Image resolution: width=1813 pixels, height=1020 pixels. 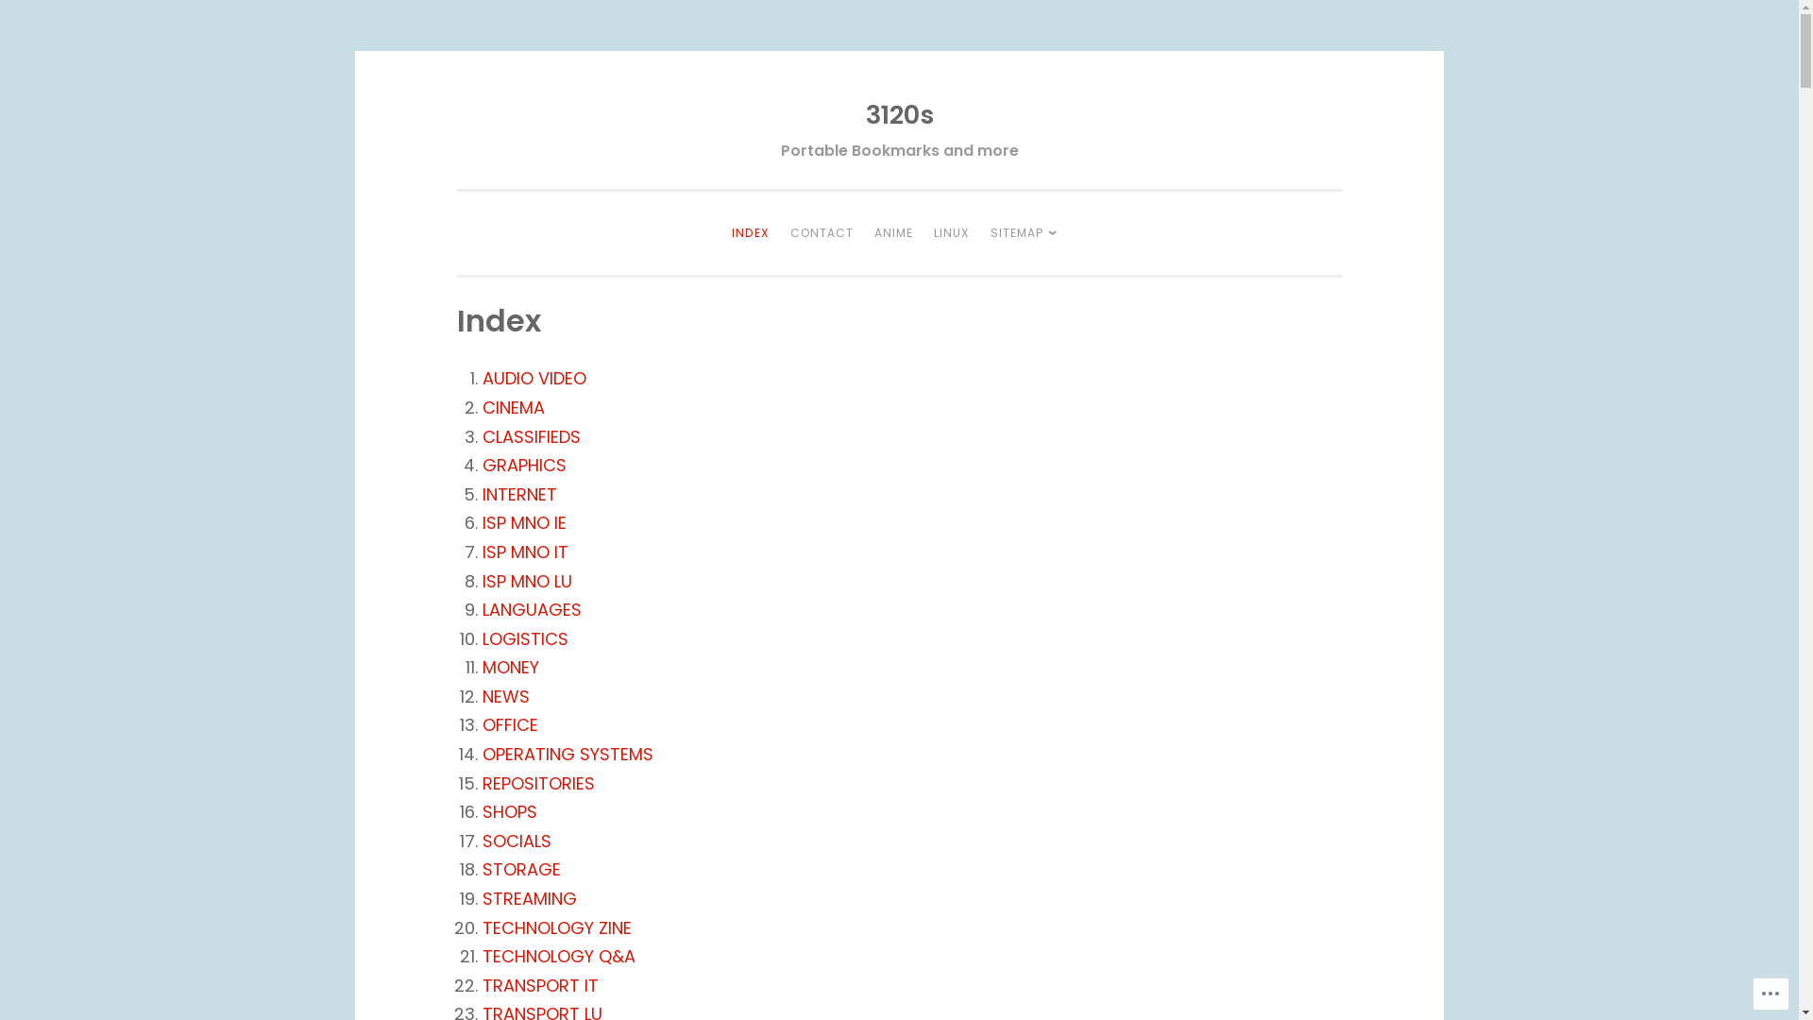 What do you see at coordinates (482, 956) in the screenshot?
I see `'TECHNOLOGY Q&A'` at bounding box center [482, 956].